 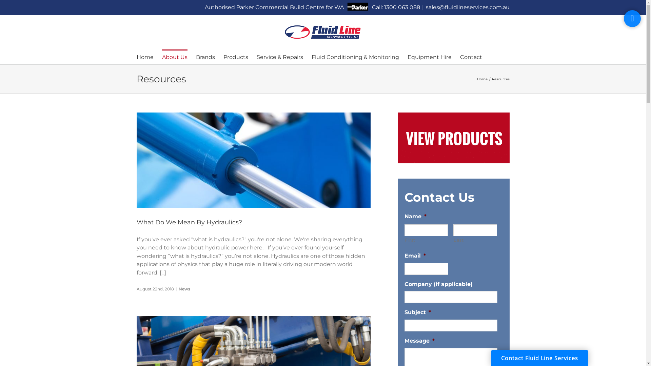 What do you see at coordinates (467, 7) in the screenshot?
I see `'sales@fluidlineservices.com.au'` at bounding box center [467, 7].